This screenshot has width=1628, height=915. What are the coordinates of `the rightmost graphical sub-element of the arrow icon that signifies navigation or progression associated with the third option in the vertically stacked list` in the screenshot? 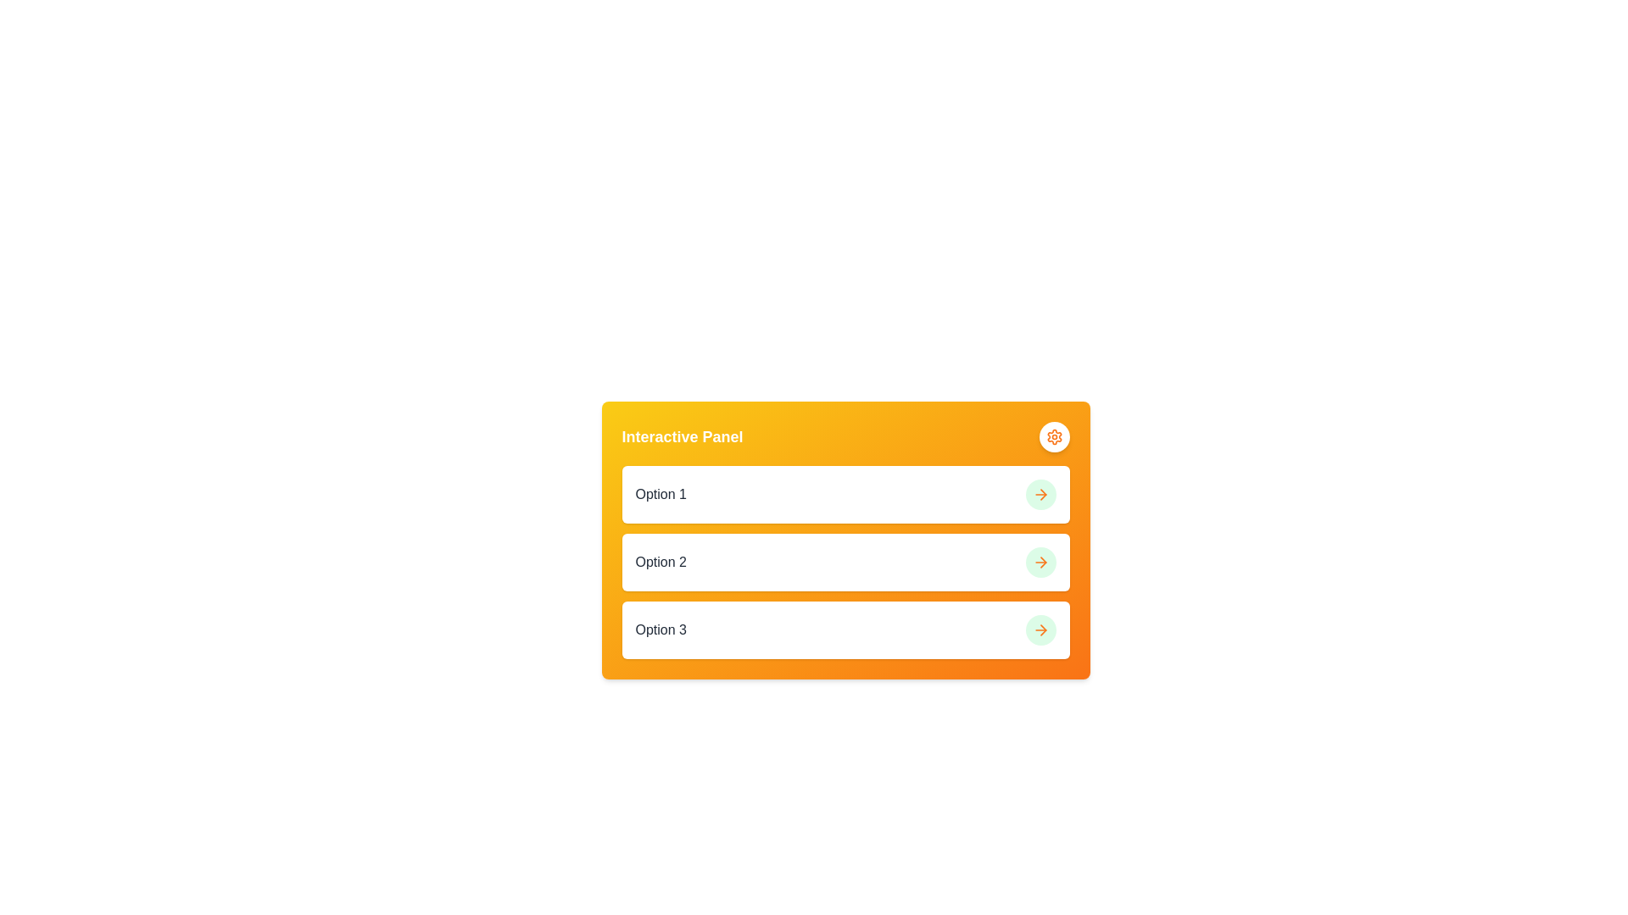 It's located at (1042, 630).